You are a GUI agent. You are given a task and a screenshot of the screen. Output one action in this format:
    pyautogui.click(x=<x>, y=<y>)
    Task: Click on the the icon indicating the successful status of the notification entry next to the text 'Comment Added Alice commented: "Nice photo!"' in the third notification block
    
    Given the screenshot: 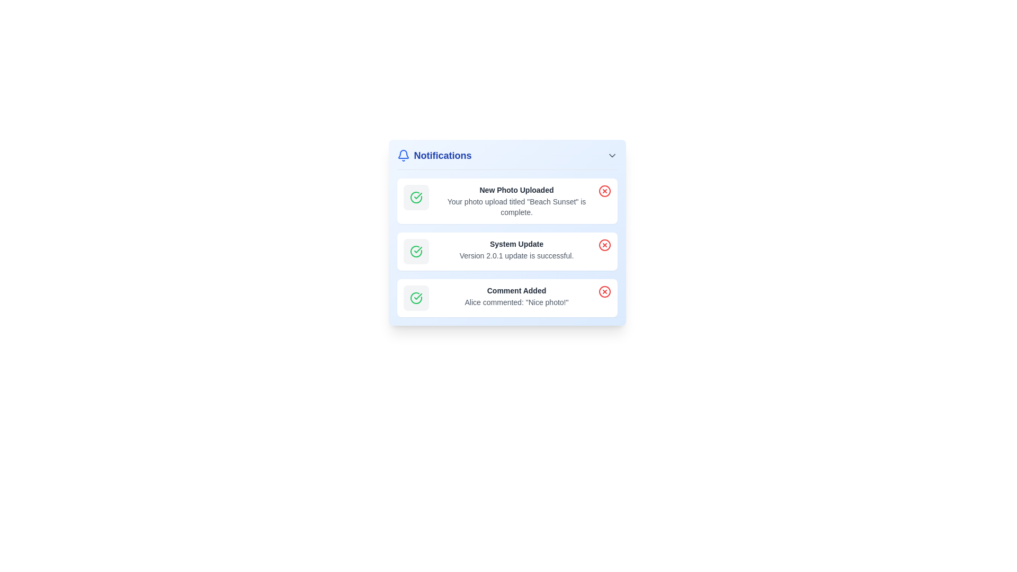 What is the action you would take?
    pyautogui.click(x=415, y=298)
    